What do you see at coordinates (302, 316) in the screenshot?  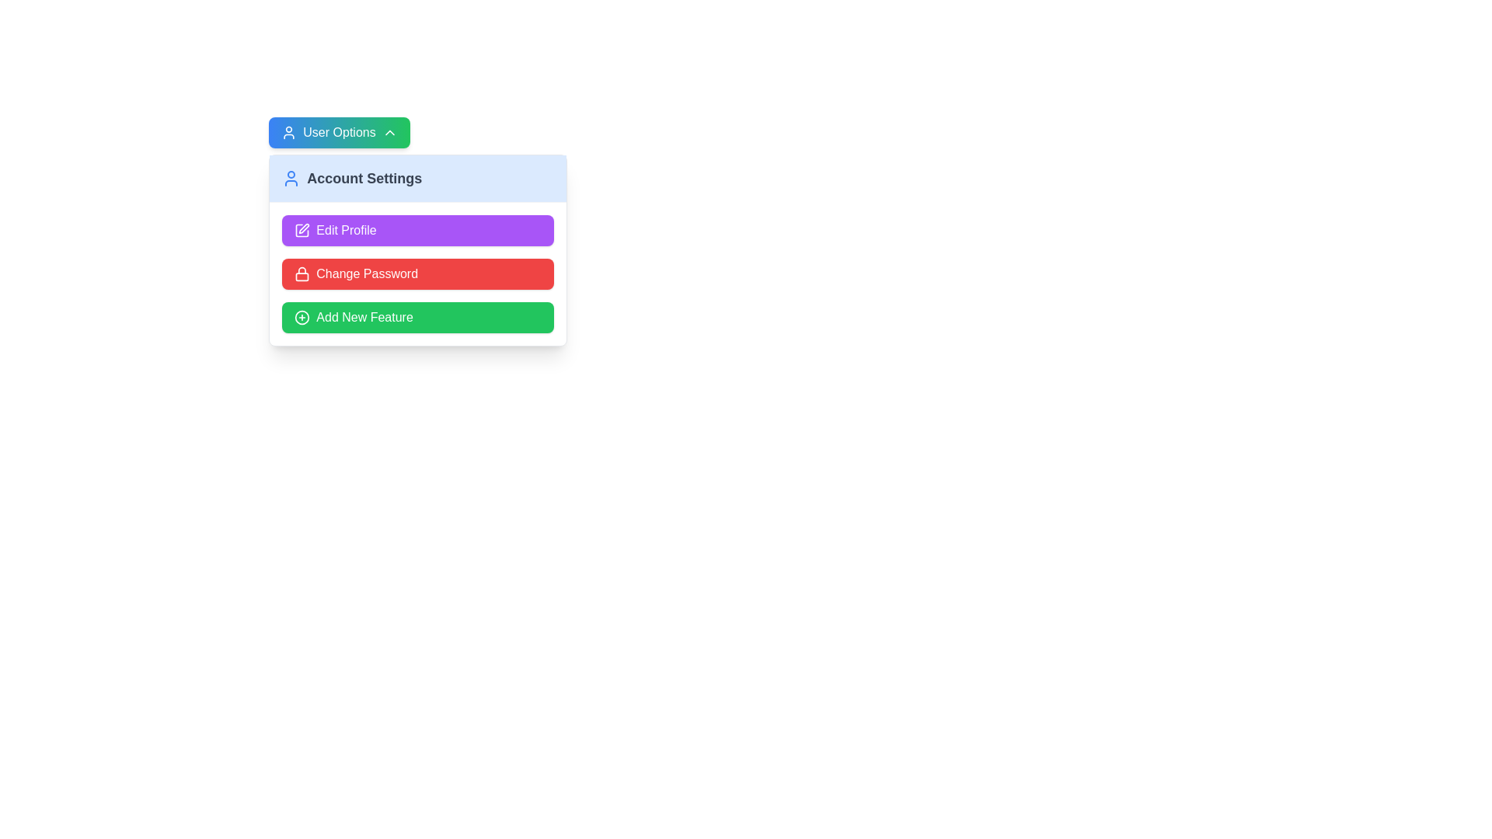 I see `the icon on the far-left side of the 'Add New Feature' button` at bounding box center [302, 316].